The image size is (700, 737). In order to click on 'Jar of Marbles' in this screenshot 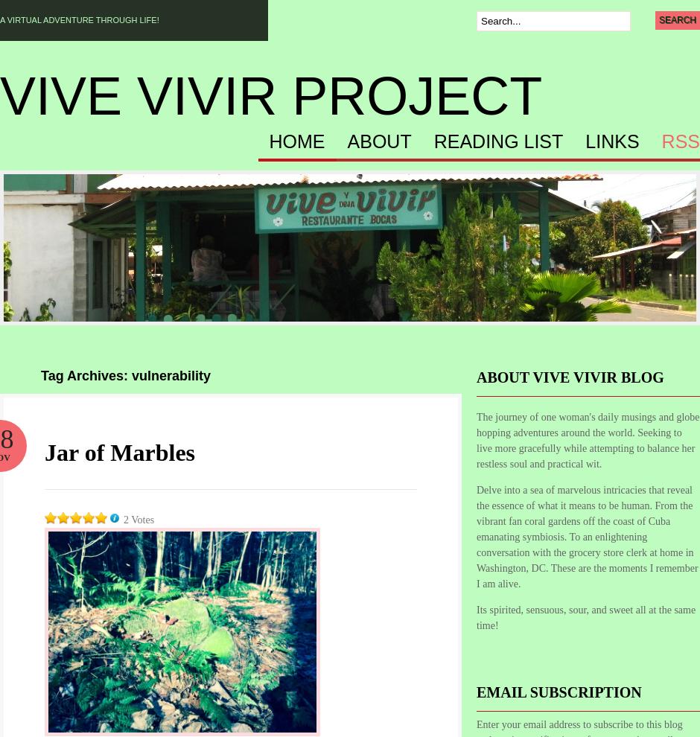, I will do `click(120, 451)`.